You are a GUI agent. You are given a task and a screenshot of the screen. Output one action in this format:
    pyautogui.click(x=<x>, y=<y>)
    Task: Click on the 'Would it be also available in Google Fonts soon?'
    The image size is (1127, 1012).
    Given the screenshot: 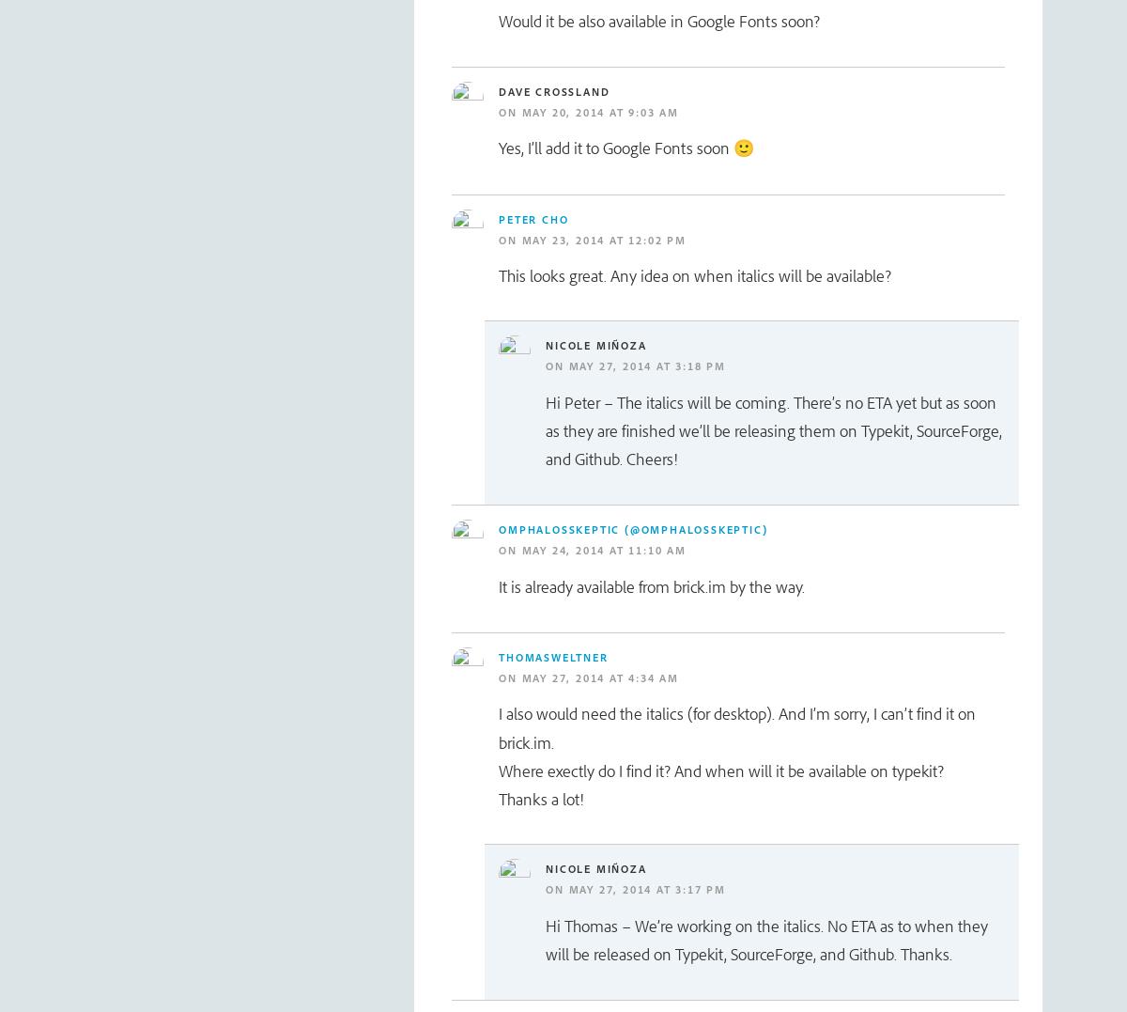 What is the action you would take?
    pyautogui.click(x=659, y=19)
    